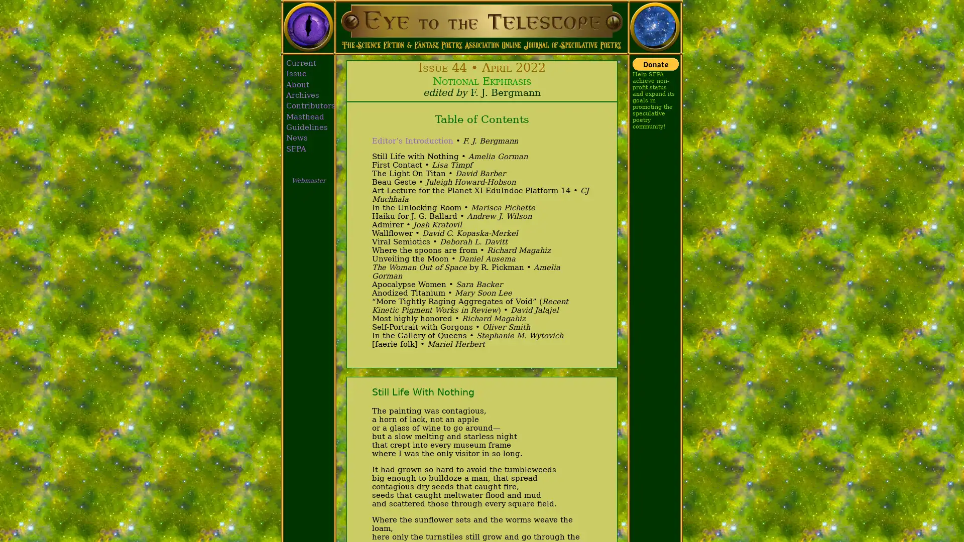  Describe the element at coordinates (655, 64) in the screenshot. I see `Donate with PayPal button` at that location.